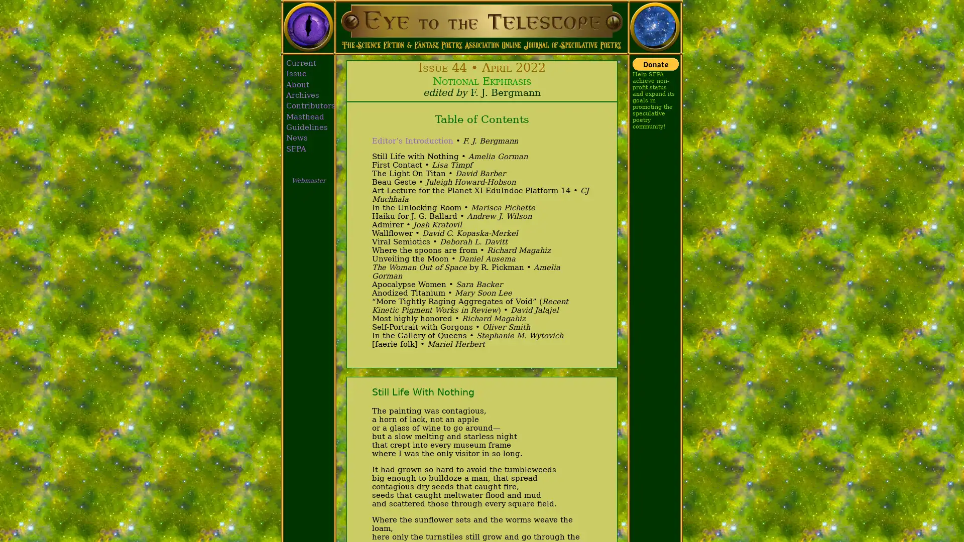  Describe the element at coordinates (655, 64) in the screenshot. I see `Donate with PayPal button` at that location.